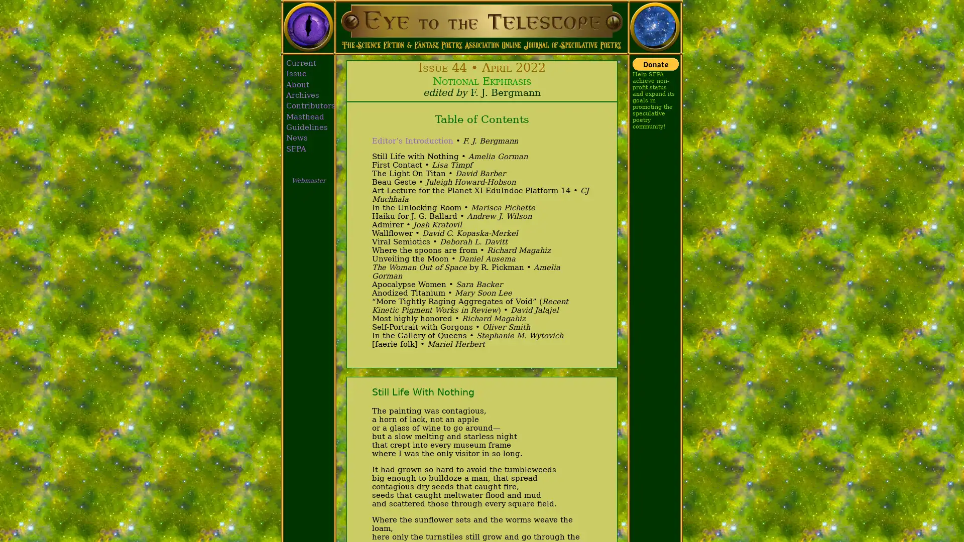  Describe the element at coordinates (655, 64) in the screenshot. I see `Donate with PayPal button` at that location.